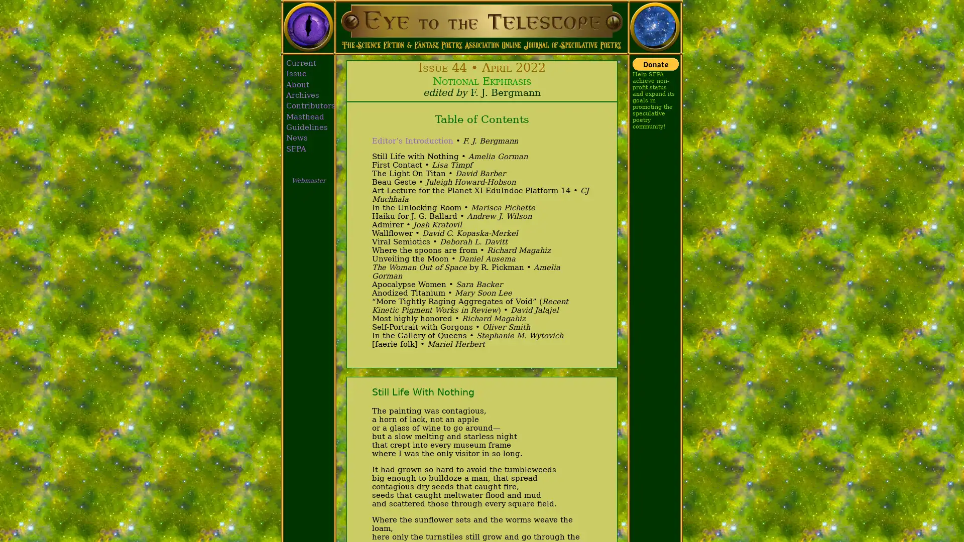  Describe the element at coordinates (655, 64) in the screenshot. I see `Donate with PayPal button` at that location.